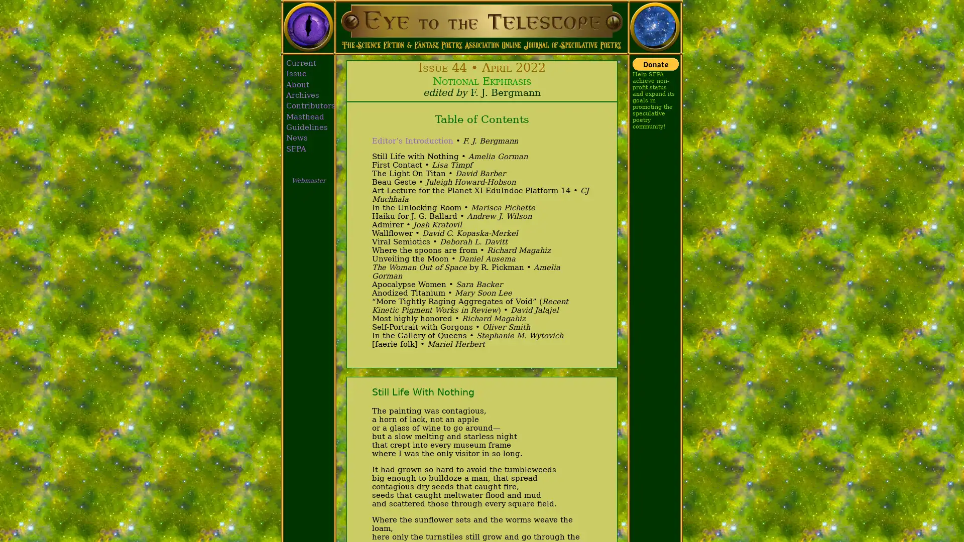  Describe the element at coordinates (655, 64) in the screenshot. I see `Donate with PayPal button` at that location.